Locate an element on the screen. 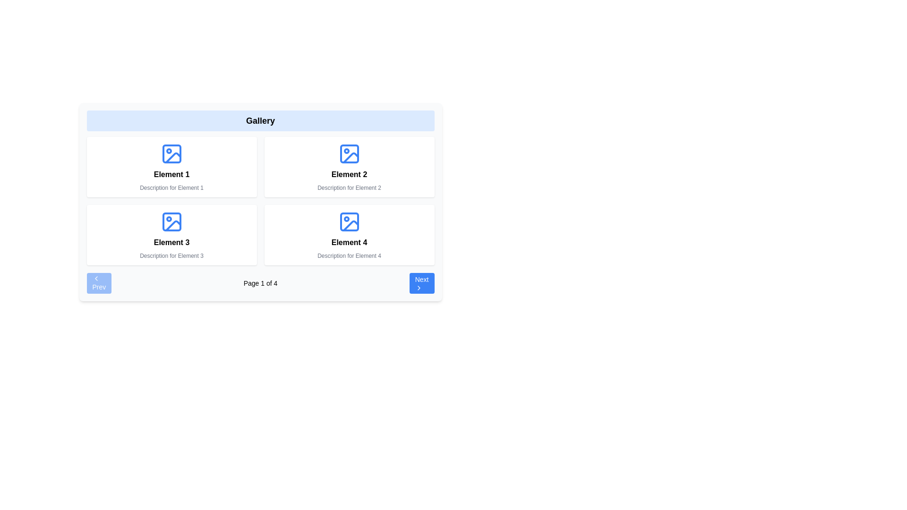  the static text label displayed in light gray, centrally aligned under the bold heading 'Element 1' within the first card of the grid layout is located at coordinates (171, 187).